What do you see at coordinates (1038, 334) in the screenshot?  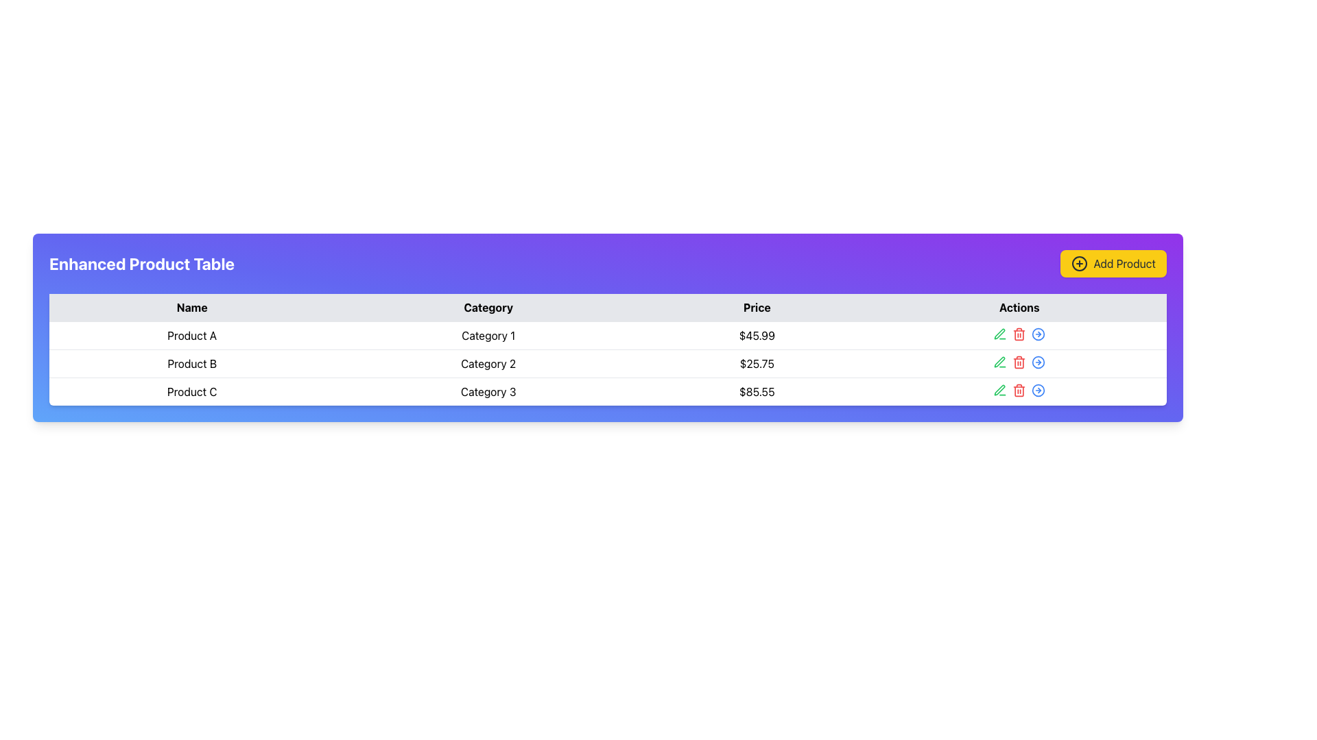 I see `the button located in the 'Actions' column of the third row of the product table` at bounding box center [1038, 334].